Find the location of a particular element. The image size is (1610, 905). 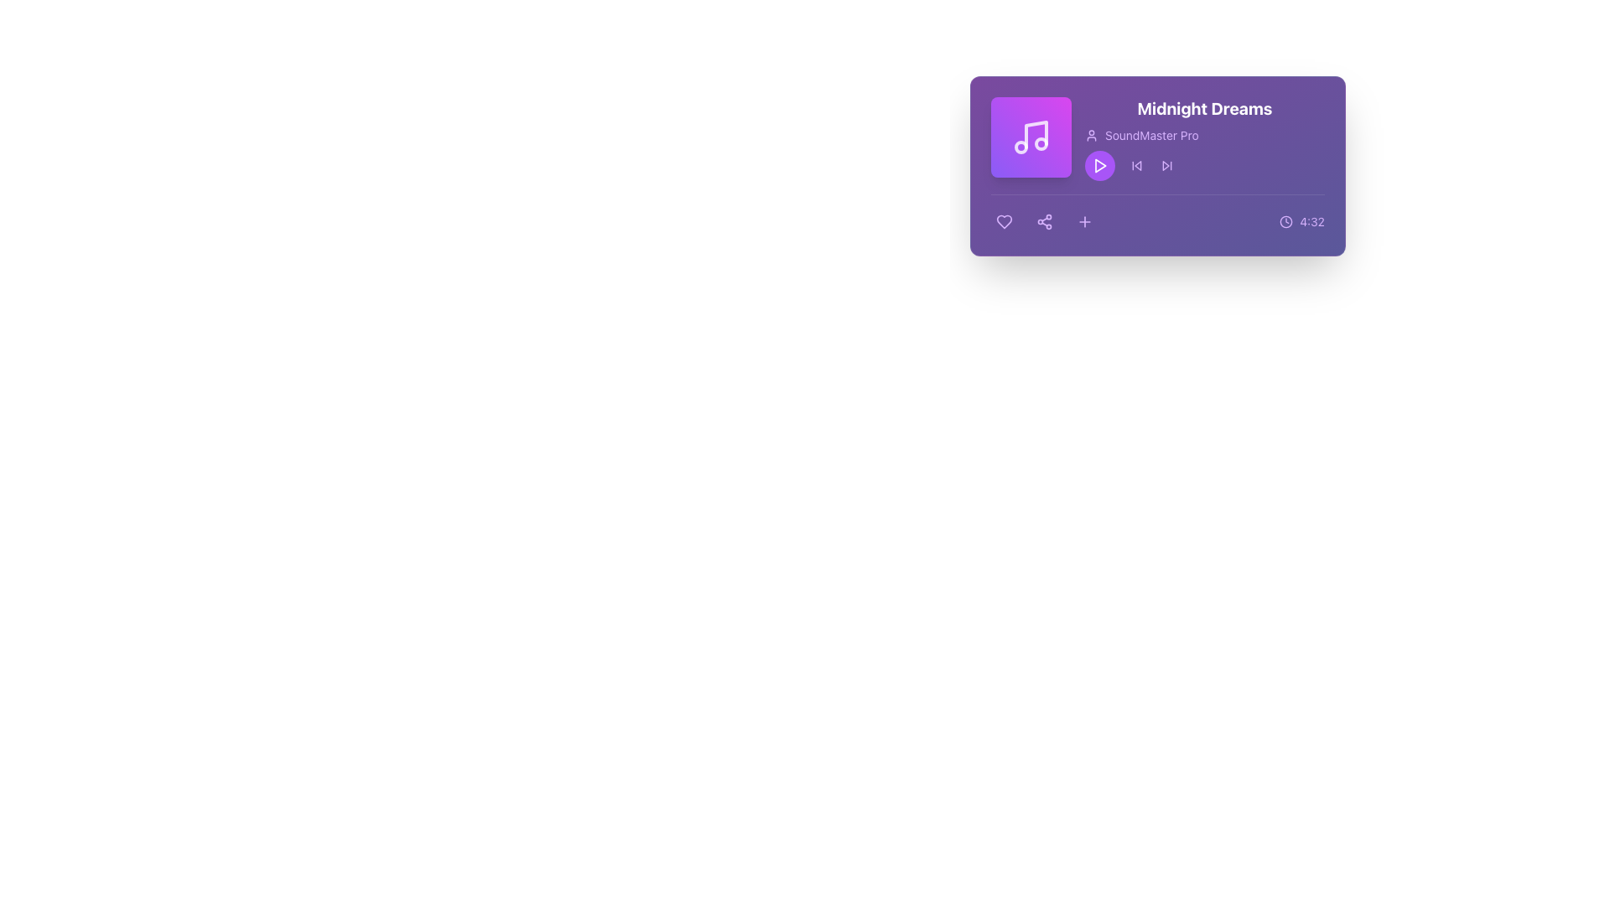

the song title 'Midnight Dreams' in the Component card with multimedia details and interactive controls is located at coordinates (1157, 166).